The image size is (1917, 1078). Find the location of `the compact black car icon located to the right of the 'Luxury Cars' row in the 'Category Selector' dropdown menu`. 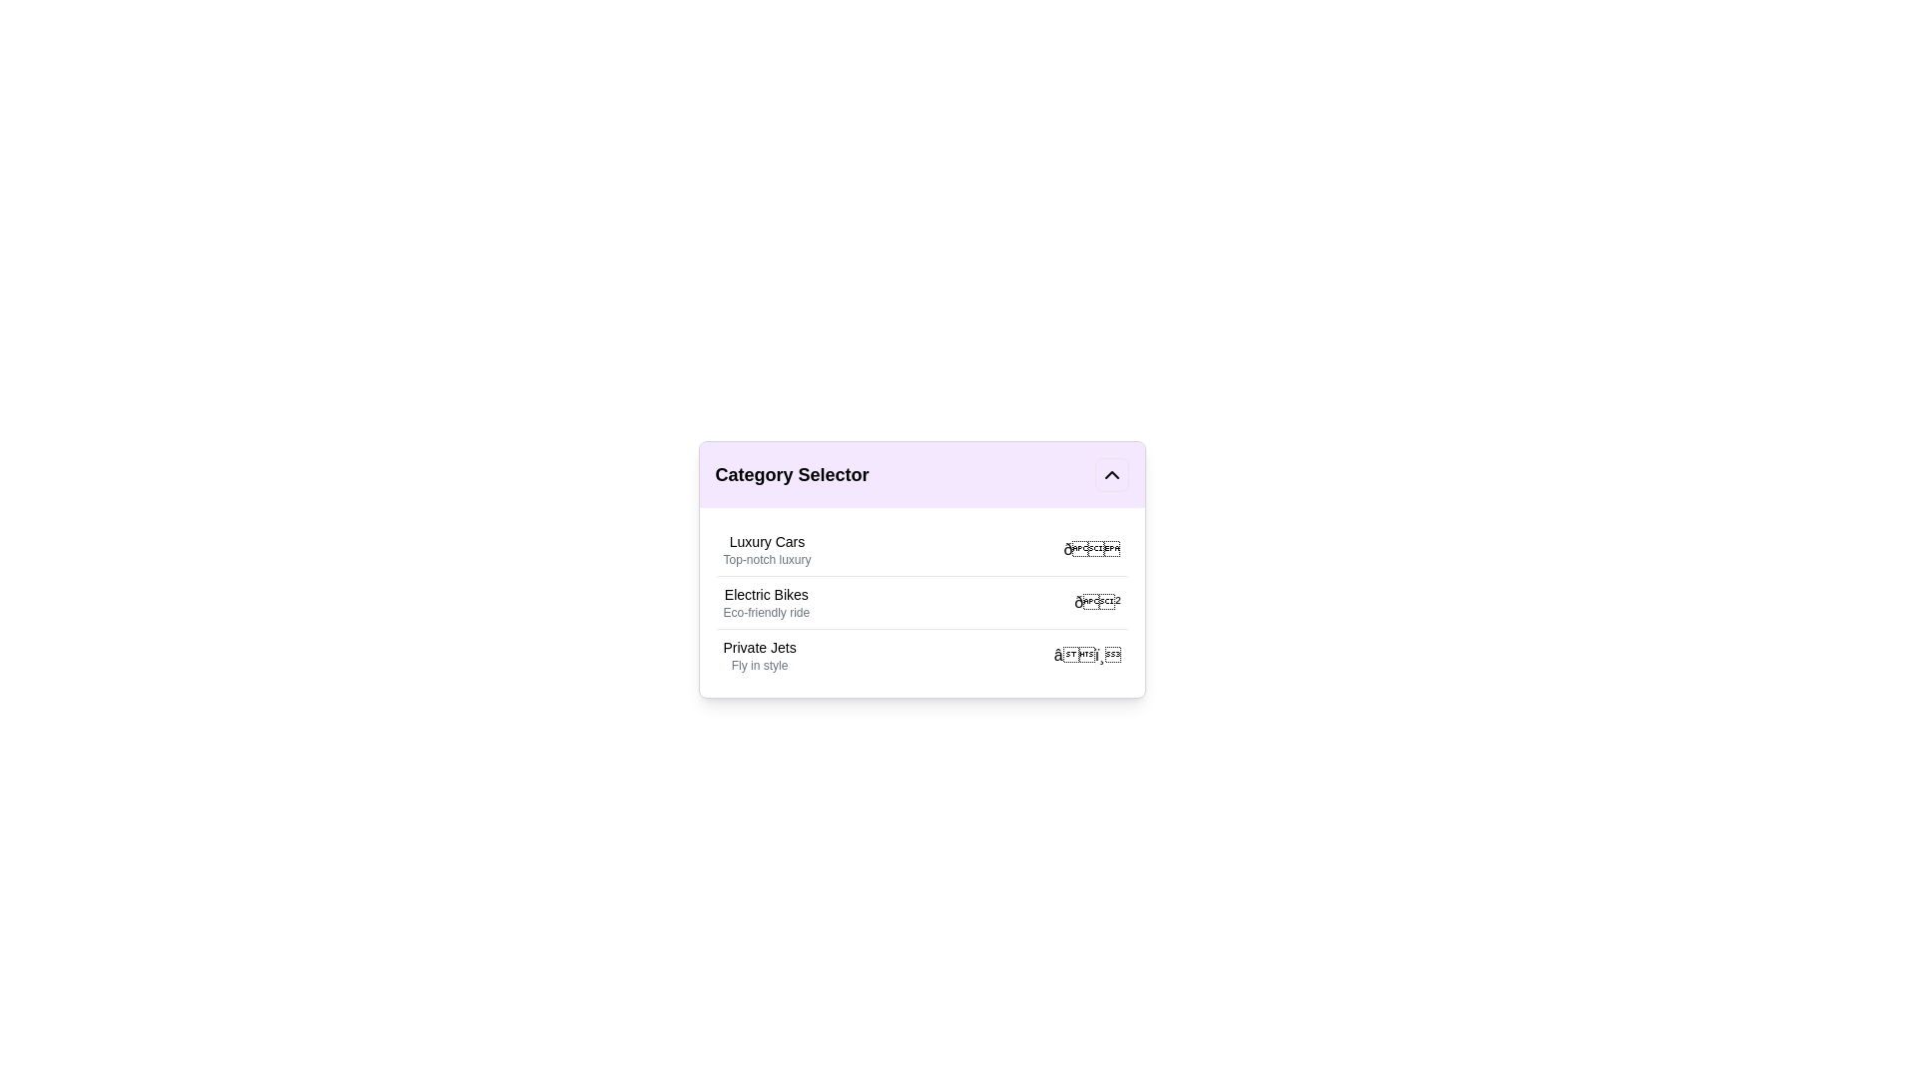

the compact black car icon located to the right of the 'Luxury Cars' row in the 'Category Selector' dropdown menu is located at coordinates (1091, 550).